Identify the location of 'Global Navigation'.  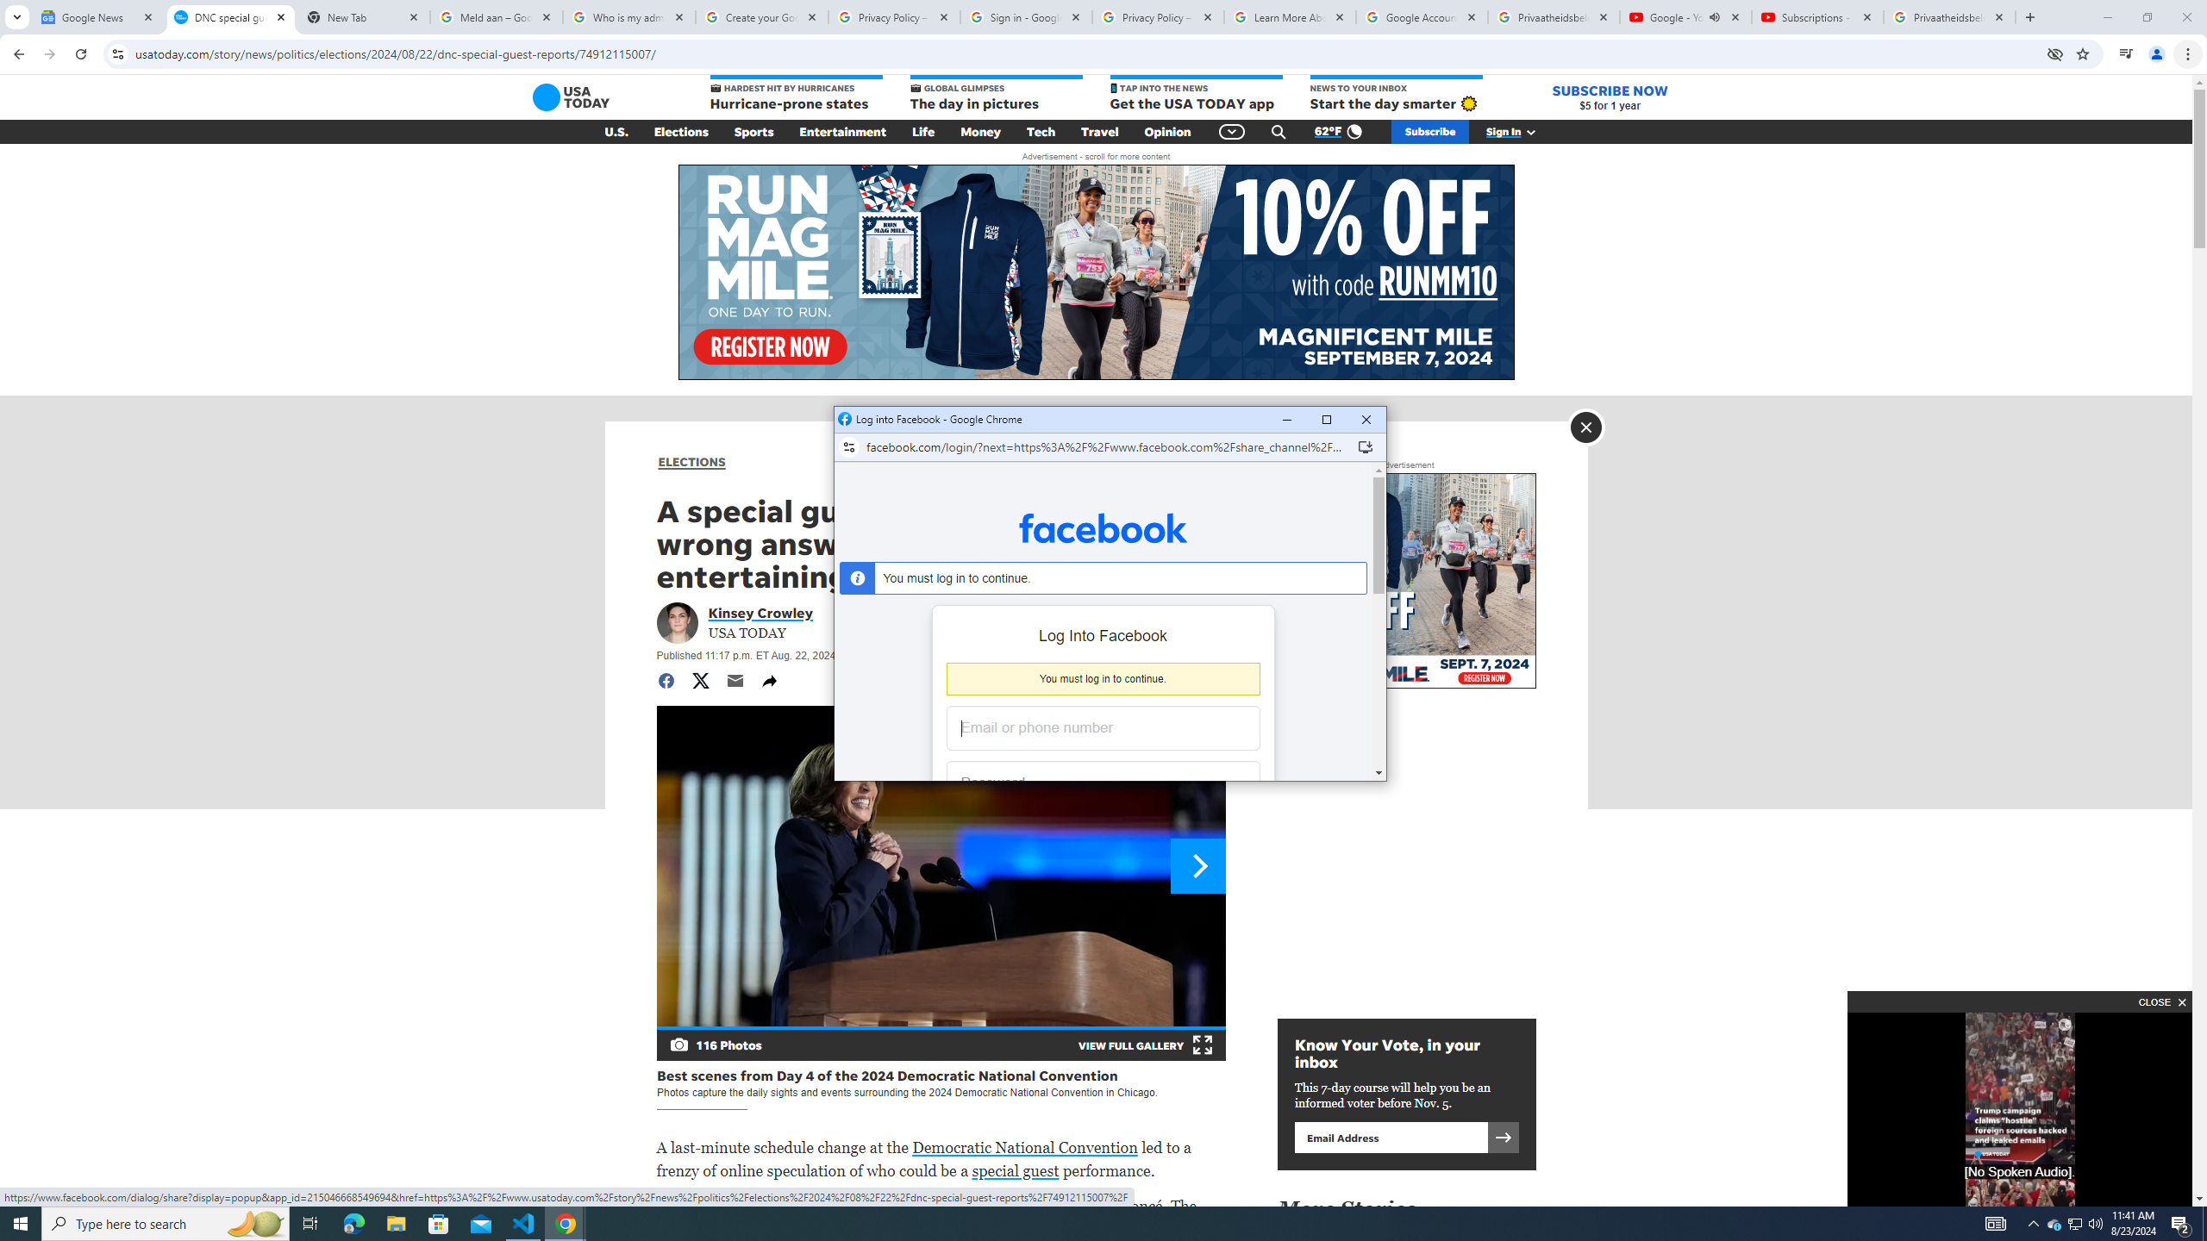
(1230, 132).